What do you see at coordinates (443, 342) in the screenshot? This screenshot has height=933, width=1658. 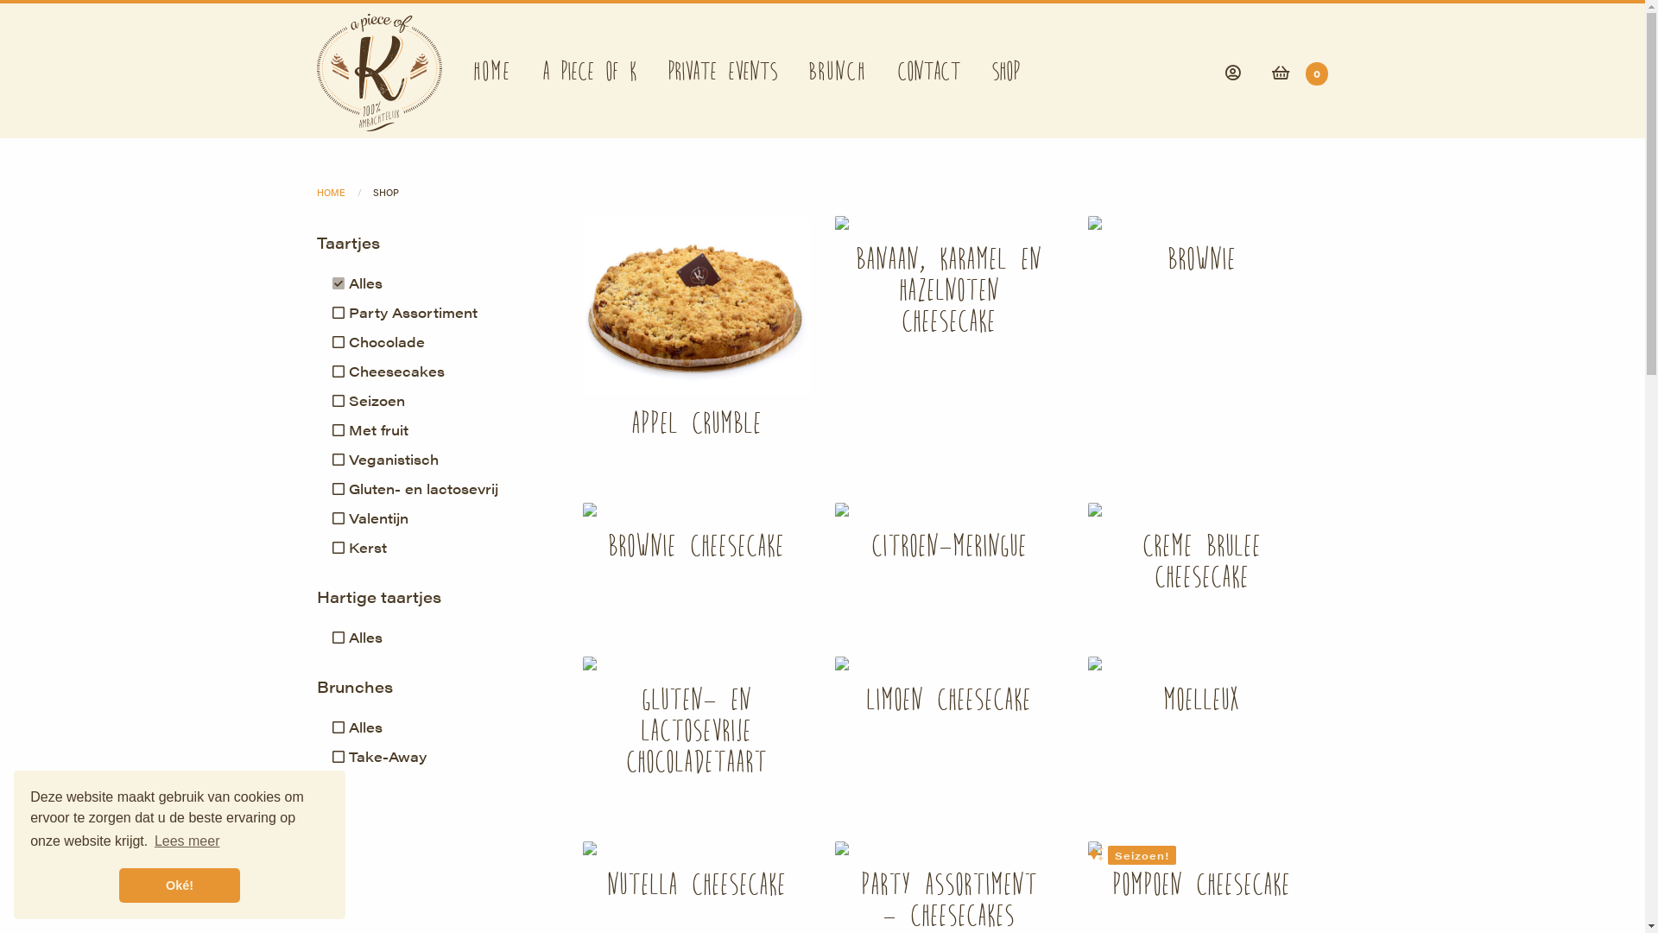 I see `'Chocolade'` at bounding box center [443, 342].